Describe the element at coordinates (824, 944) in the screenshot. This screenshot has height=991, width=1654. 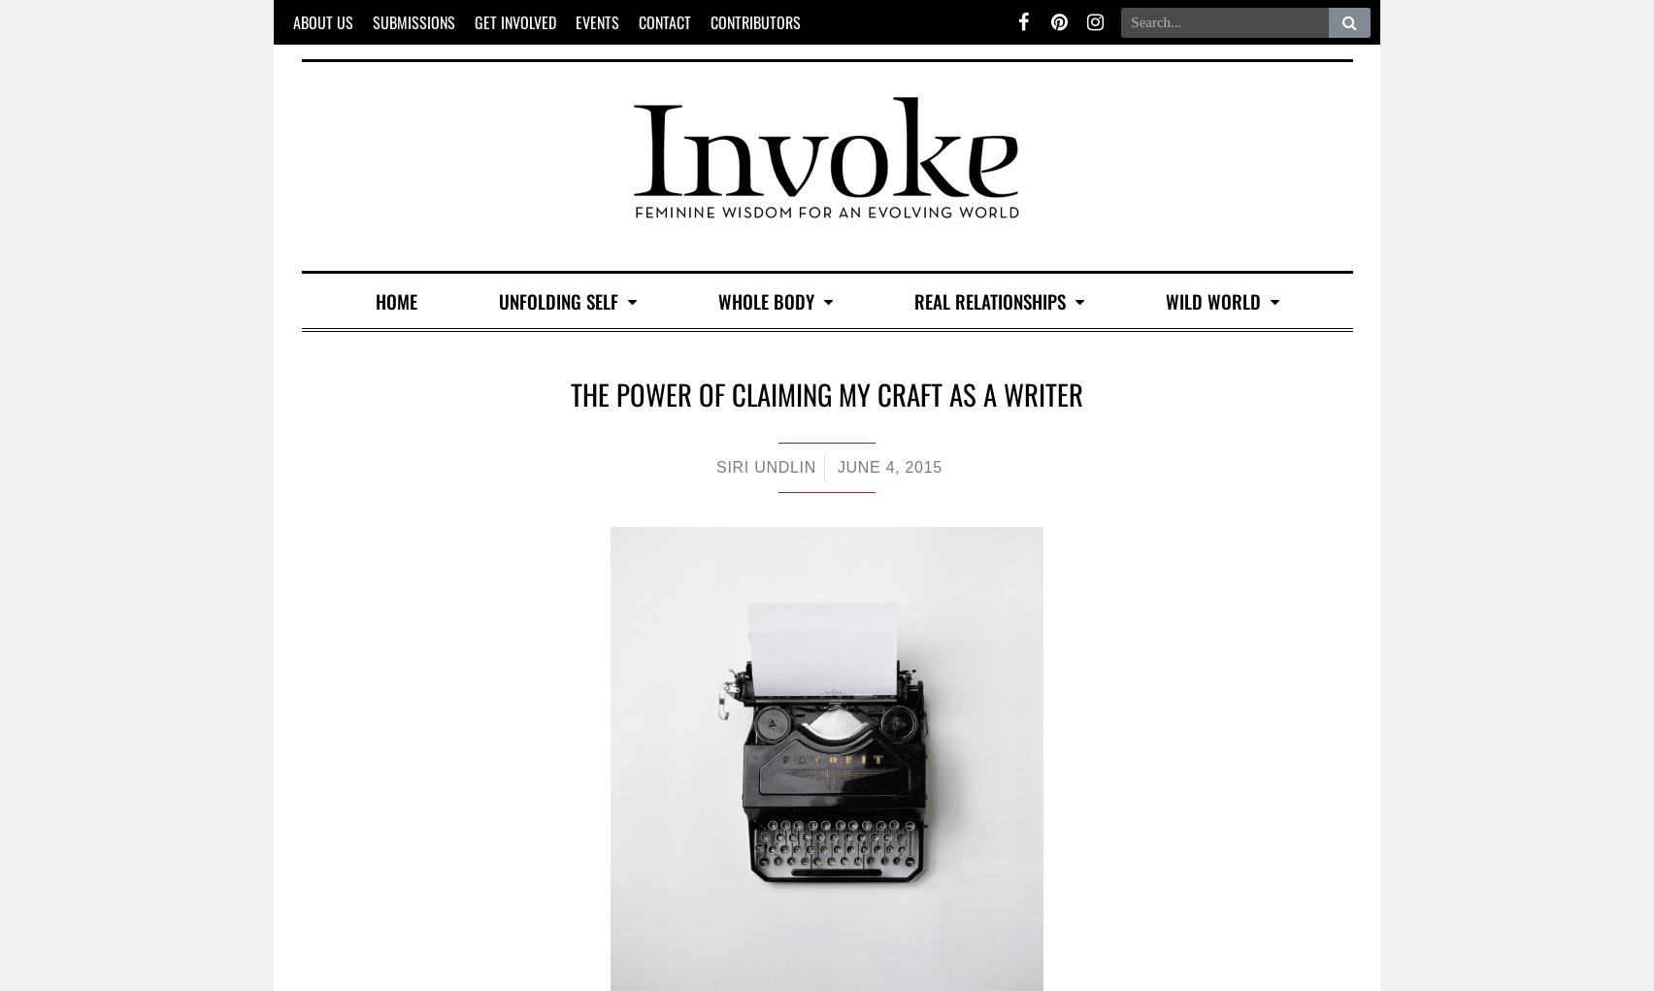
I see `'Subscribe to Invoke Magazine to receive more articles like this.'` at that location.